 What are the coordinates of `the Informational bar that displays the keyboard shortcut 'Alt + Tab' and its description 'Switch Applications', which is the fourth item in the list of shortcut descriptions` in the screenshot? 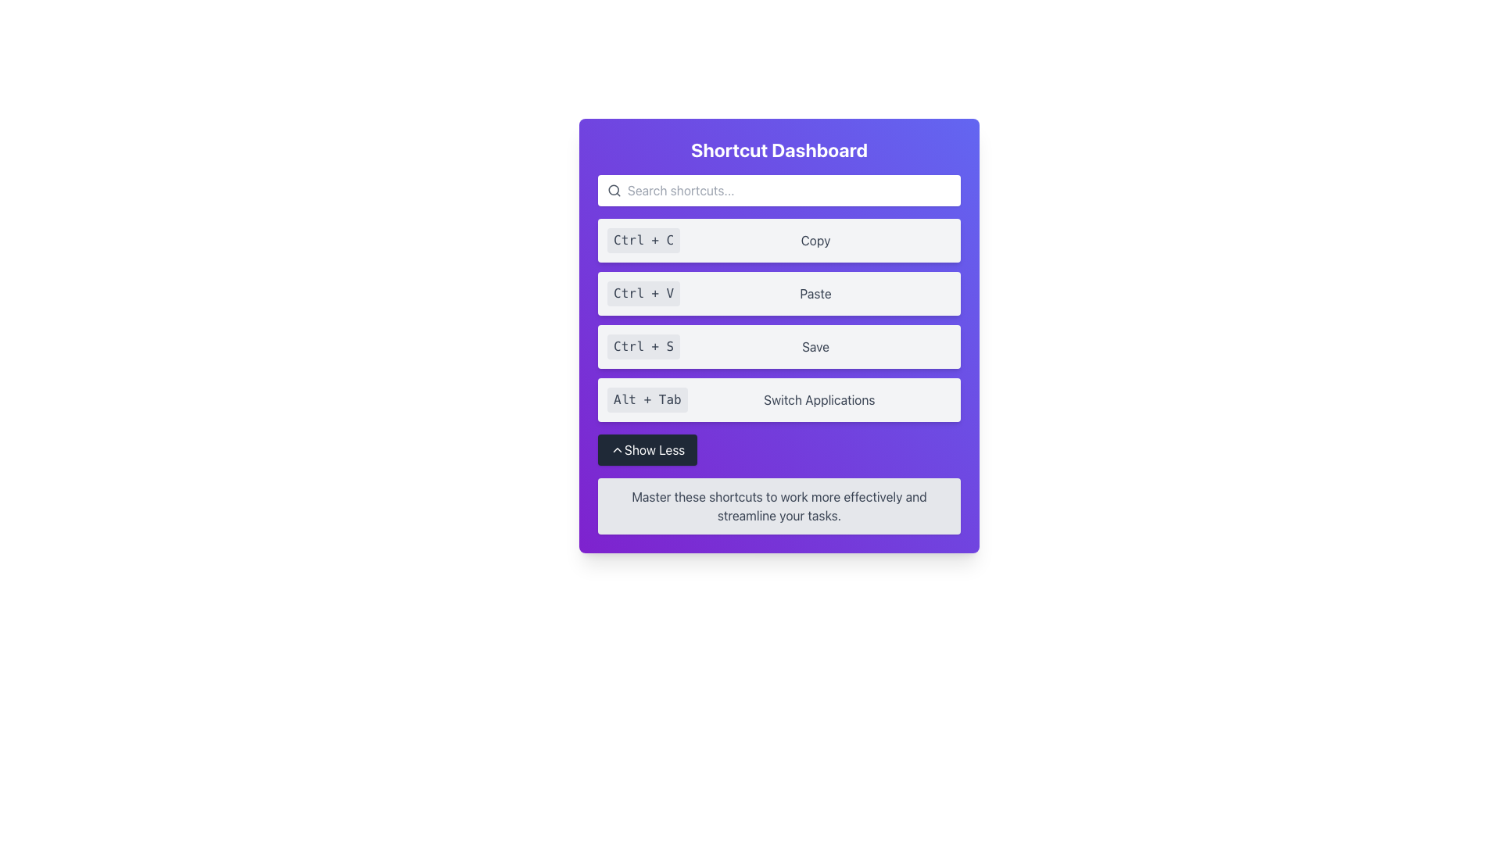 It's located at (779, 399).